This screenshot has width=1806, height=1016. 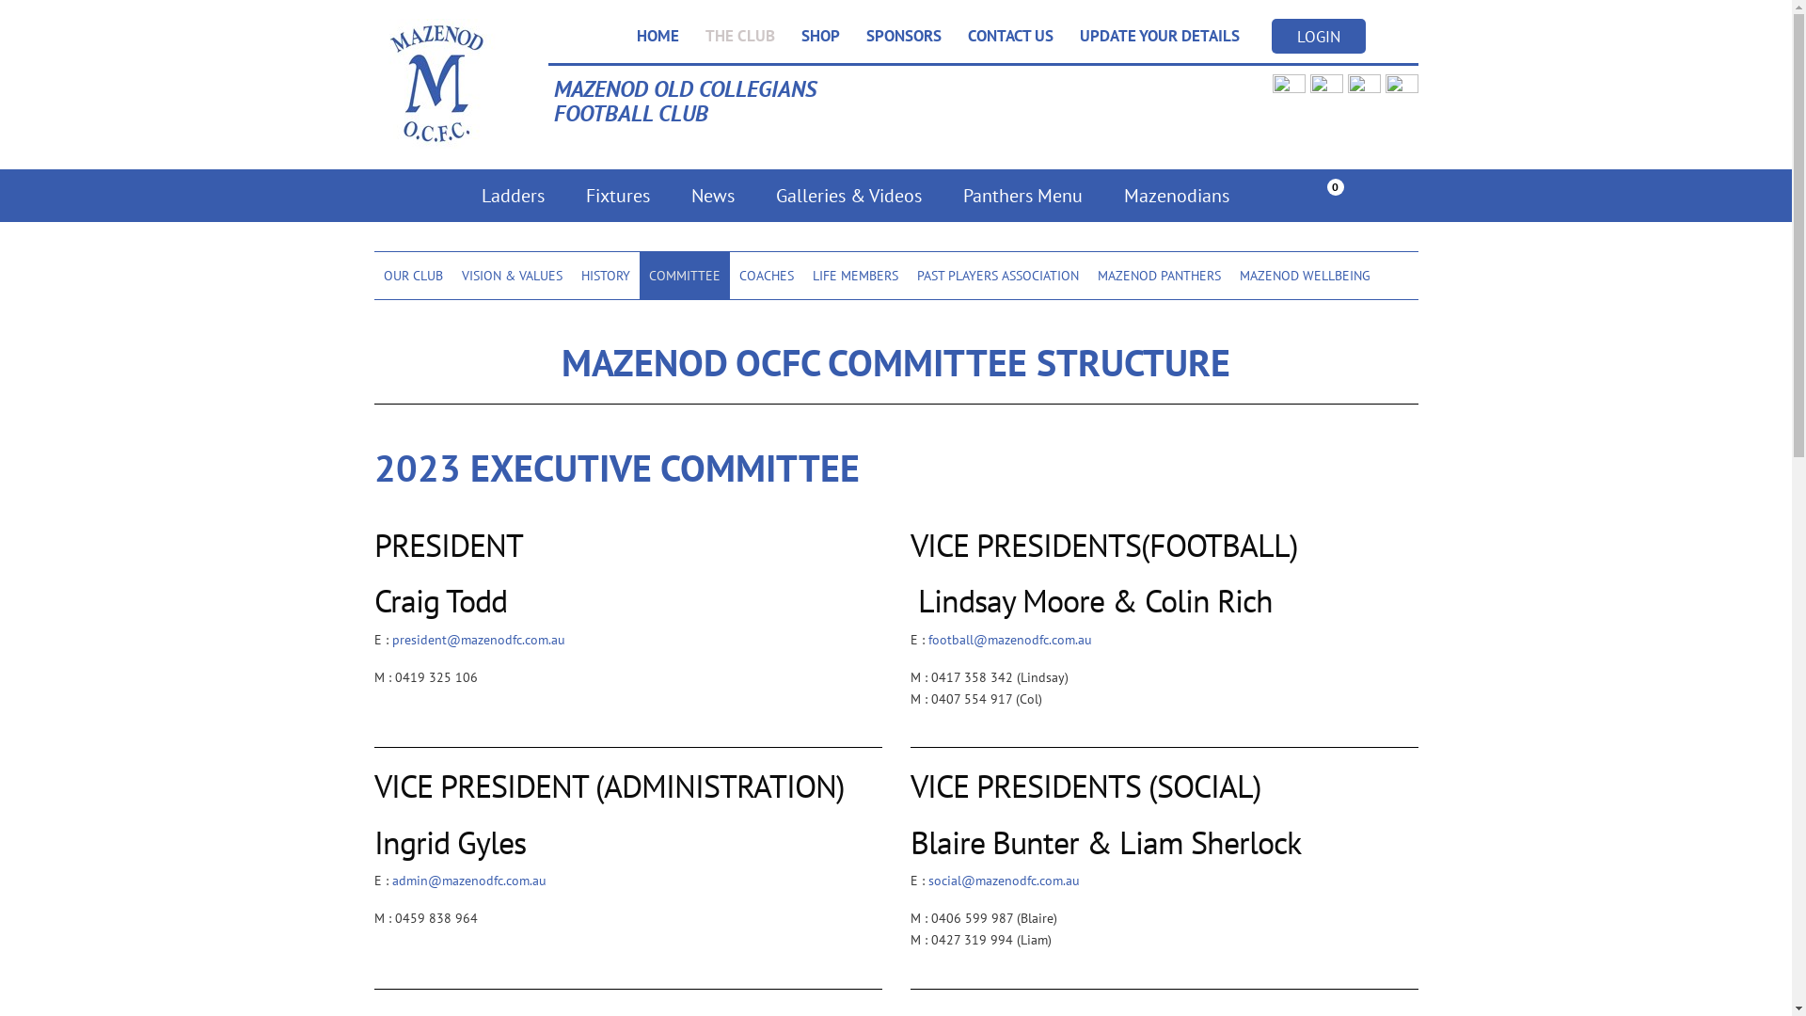 What do you see at coordinates (657, 36) in the screenshot?
I see `'HOME'` at bounding box center [657, 36].